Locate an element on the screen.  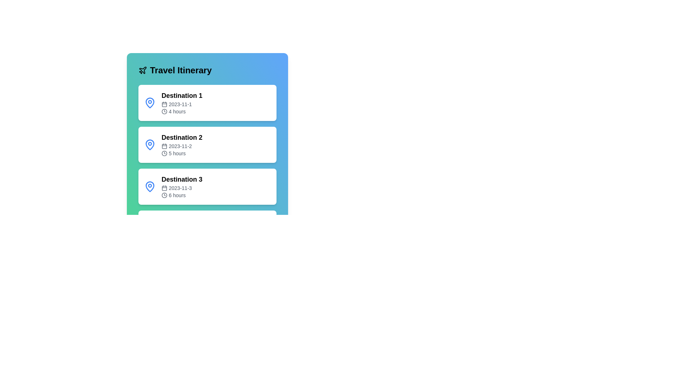
properties of the Text and icon pair that indicates the duration of activity for 'Destination 2', located beneath the date '2023-11-2' is located at coordinates (182, 153).